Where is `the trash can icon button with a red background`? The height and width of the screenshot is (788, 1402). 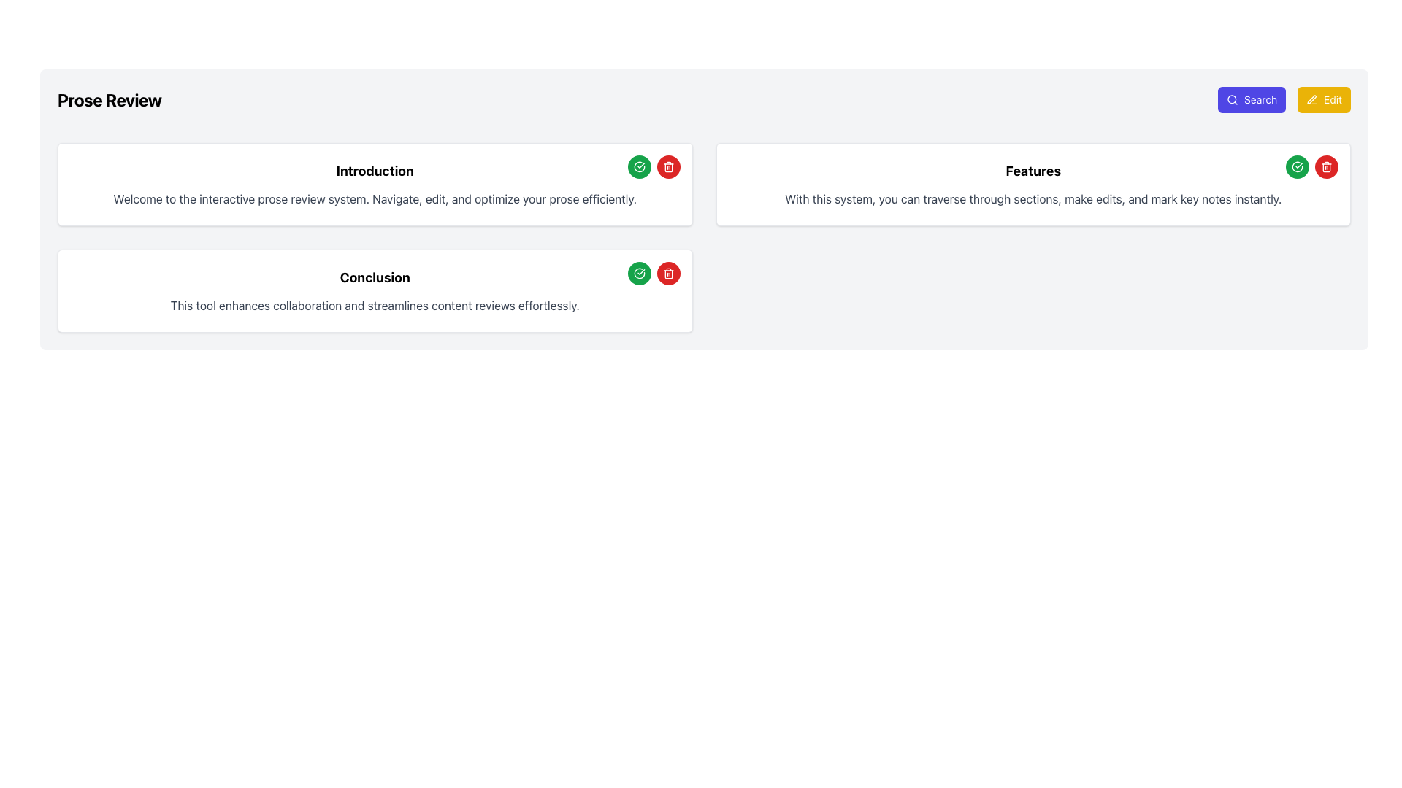 the trash can icon button with a red background is located at coordinates (667, 166).